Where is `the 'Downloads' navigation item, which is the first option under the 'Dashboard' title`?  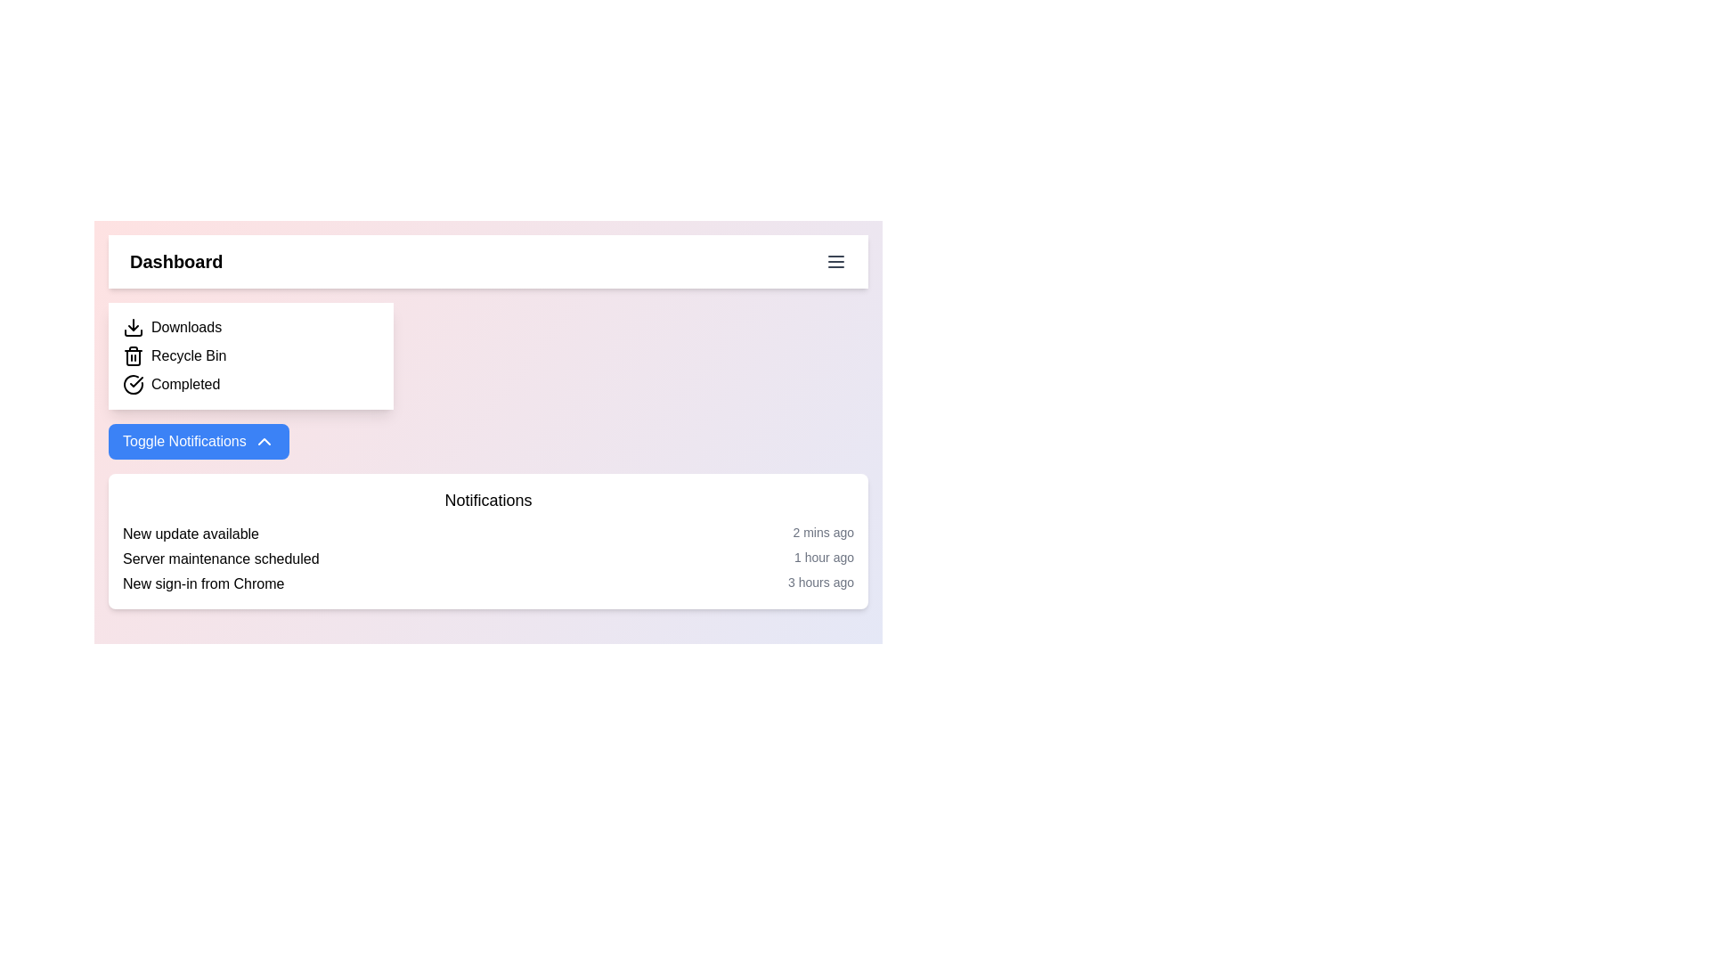
the 'Downloads' navigation item, which is the first option under the 'Dashboard' title is located at coordinates (250, 327).